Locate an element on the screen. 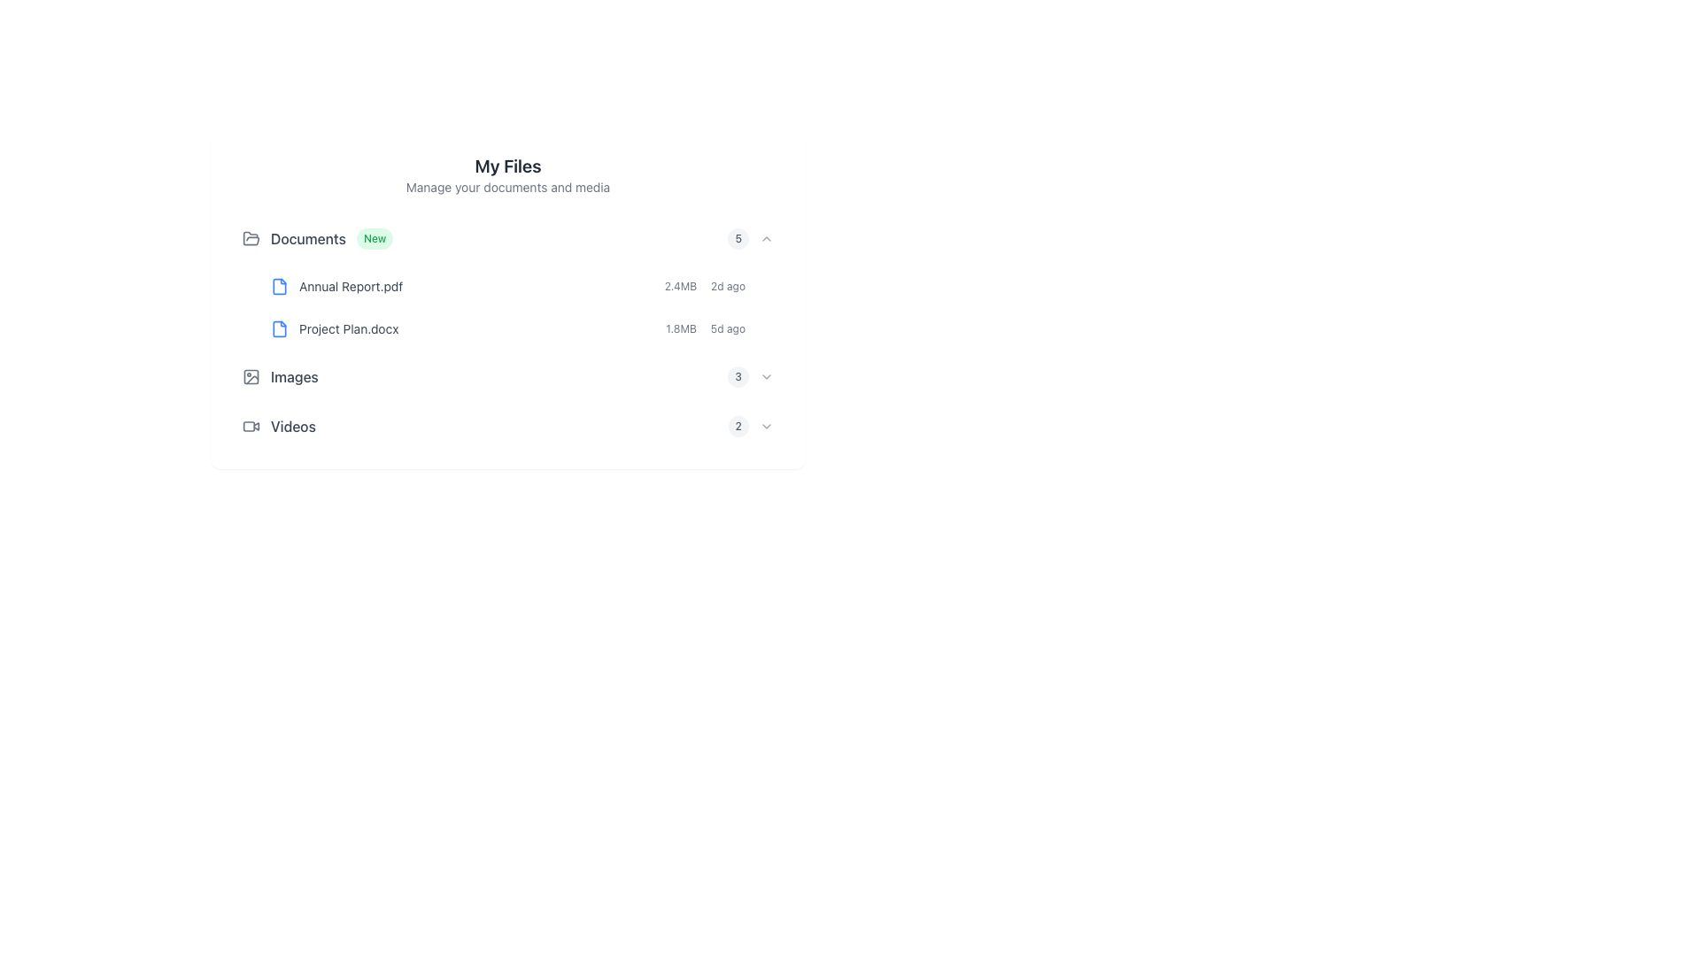 This screenshot has width=1700, height=956. the 'Videos' text element which has an associated video camera icon for more information is located at coordinates (278, 427).